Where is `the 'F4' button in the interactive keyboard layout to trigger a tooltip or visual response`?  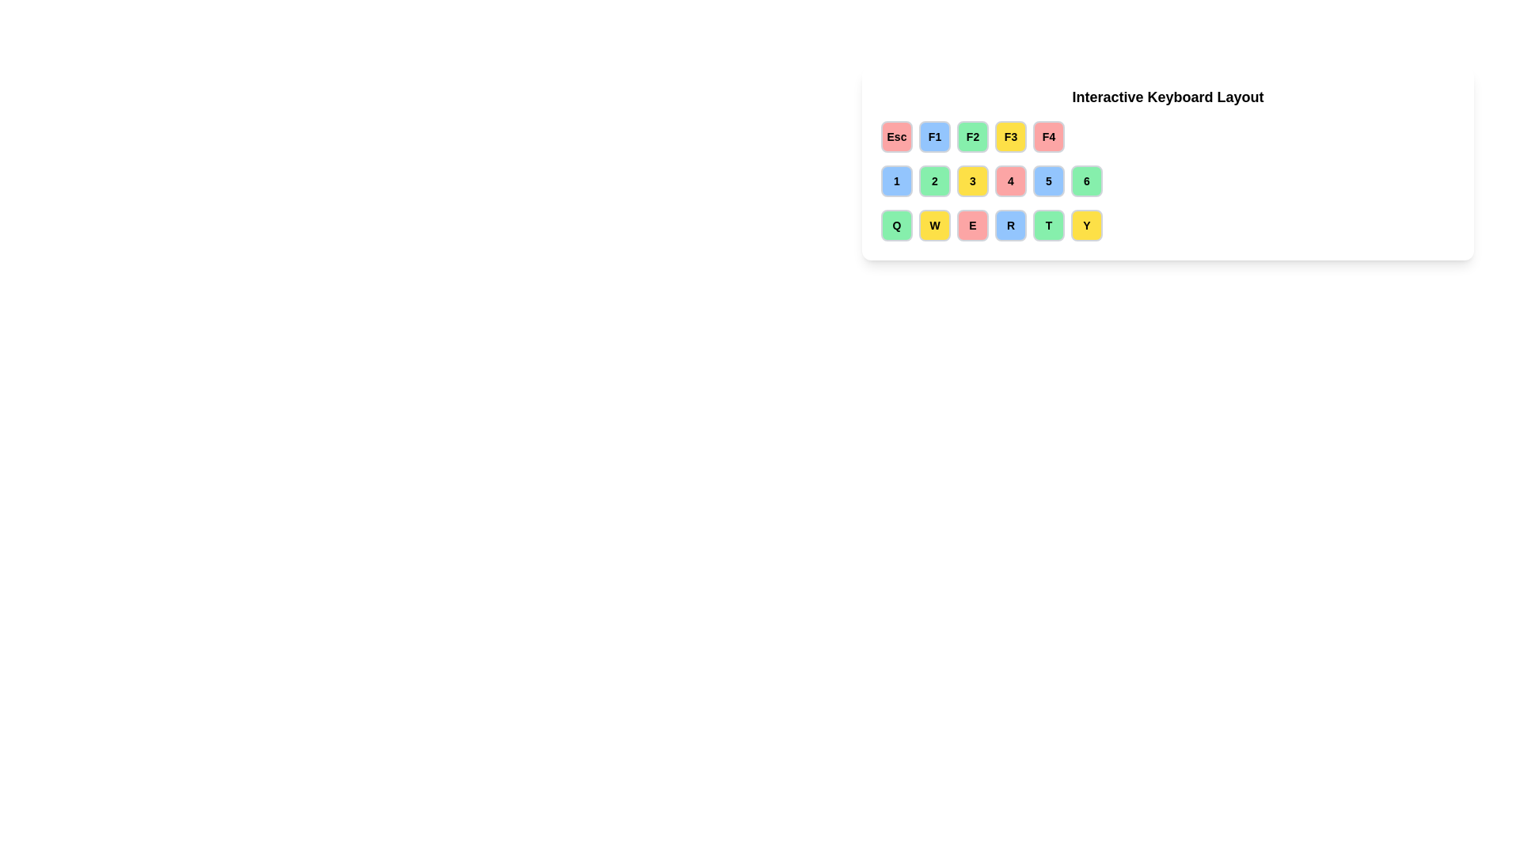 the 'F4' button in the interactive keyboard layout to trigger a tooltip or visual response is located at coordinates (1048, 136).